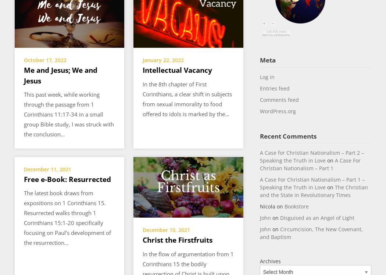 This screenshot has width=386, height=275. I want to click on 'Me and Jesus; We and Jesus', so click(60, 75).